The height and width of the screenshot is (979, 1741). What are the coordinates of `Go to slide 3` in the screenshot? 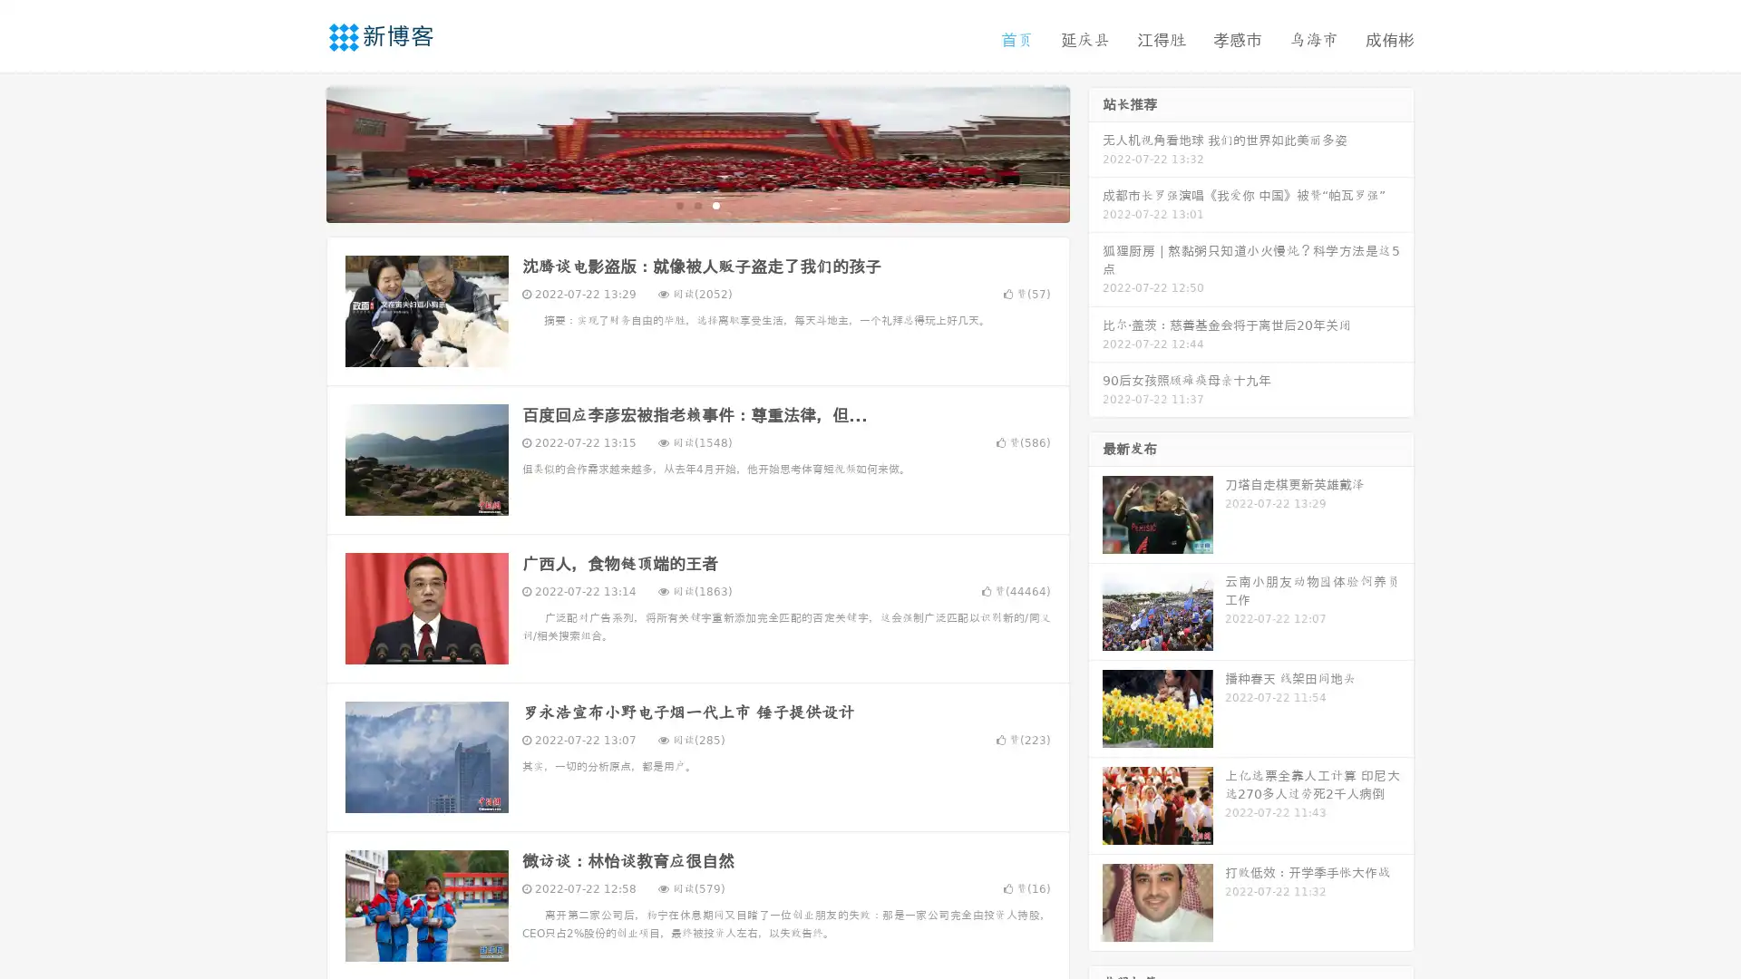 It's located at (715, 204).